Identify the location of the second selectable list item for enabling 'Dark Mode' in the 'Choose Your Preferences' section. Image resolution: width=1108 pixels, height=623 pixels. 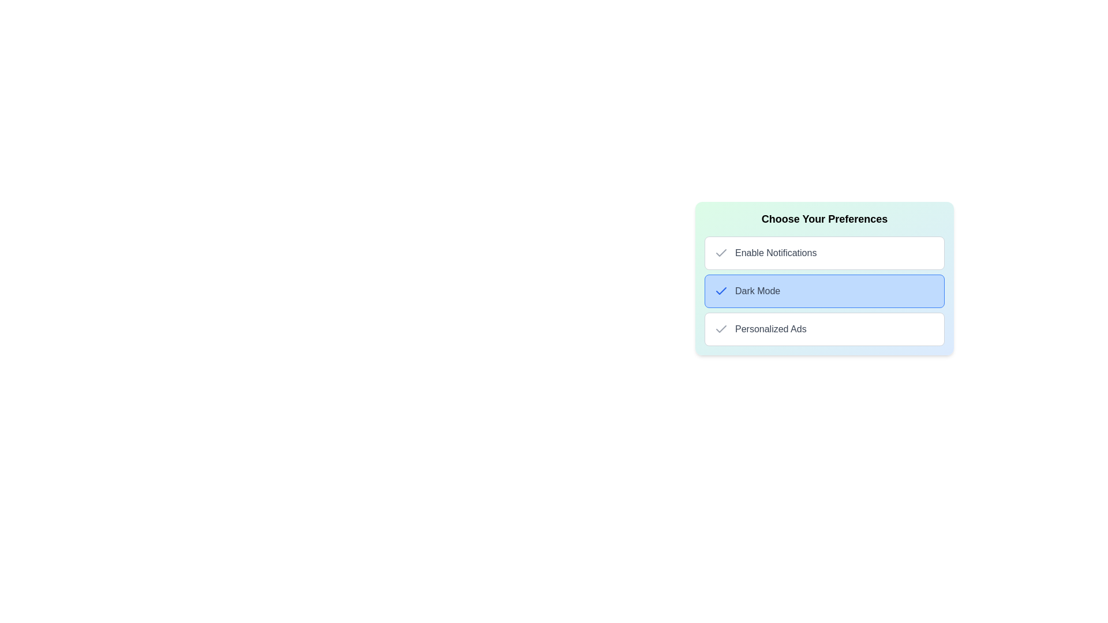
(824, 291).